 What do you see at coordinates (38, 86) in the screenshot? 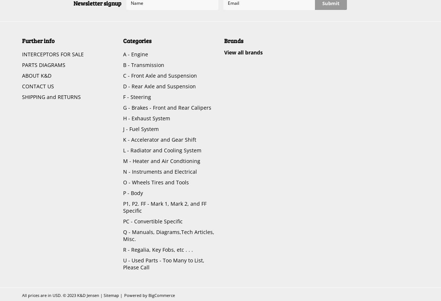
I see `'CONTACT US'` at bounding box center [38, 86].